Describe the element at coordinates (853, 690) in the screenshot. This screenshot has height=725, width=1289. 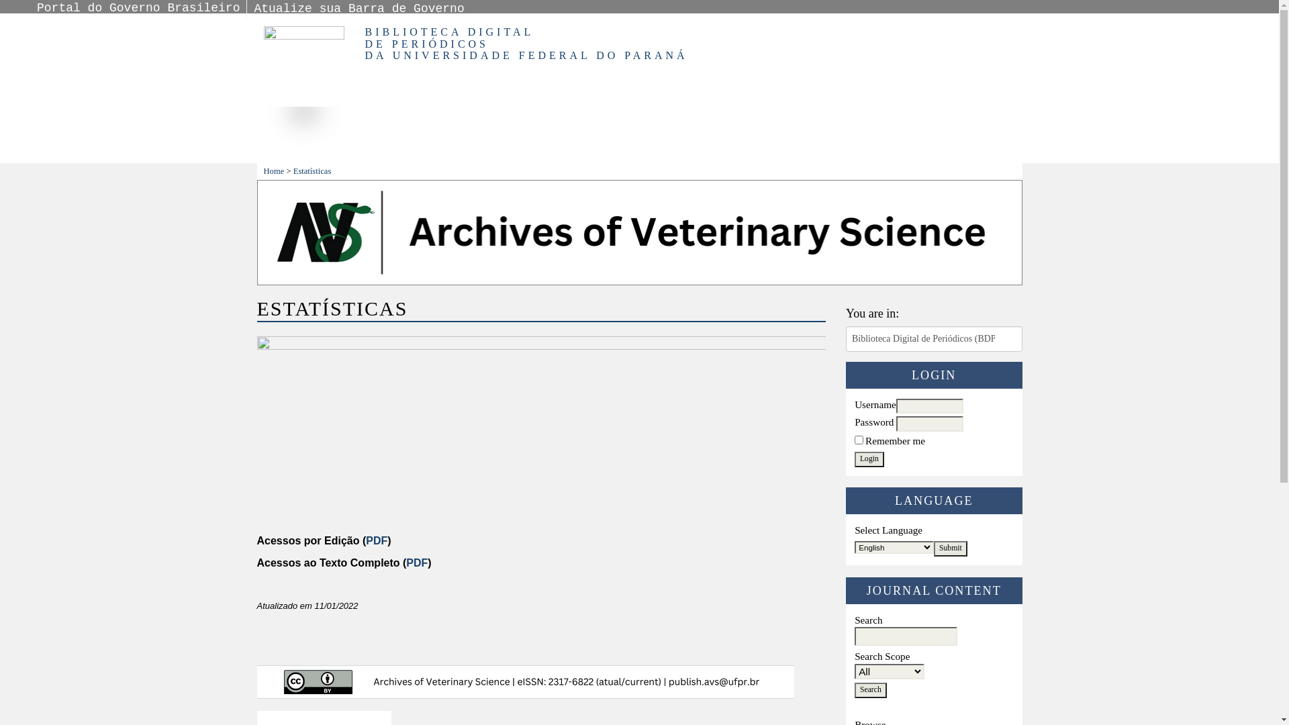
I see `'Search'` at that location.